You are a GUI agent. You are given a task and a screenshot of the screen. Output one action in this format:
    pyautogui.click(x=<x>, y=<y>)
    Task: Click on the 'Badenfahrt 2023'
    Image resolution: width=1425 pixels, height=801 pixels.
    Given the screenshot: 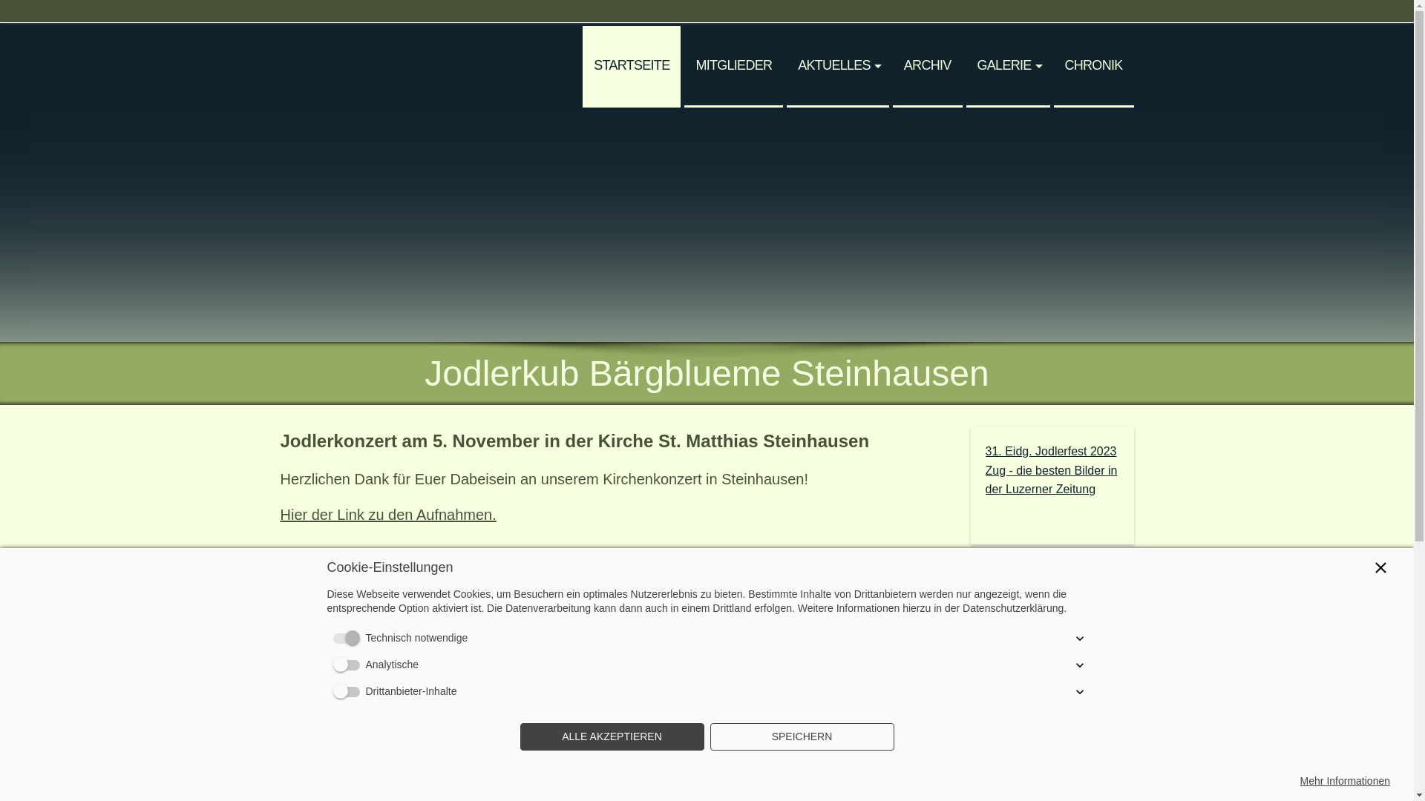 What is the action you would take?
    pyautogui.click(x=564, y=669)
    